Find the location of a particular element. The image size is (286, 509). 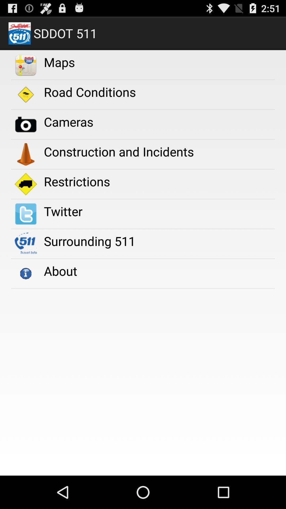

road conditions is located at coordinates (90, 92).